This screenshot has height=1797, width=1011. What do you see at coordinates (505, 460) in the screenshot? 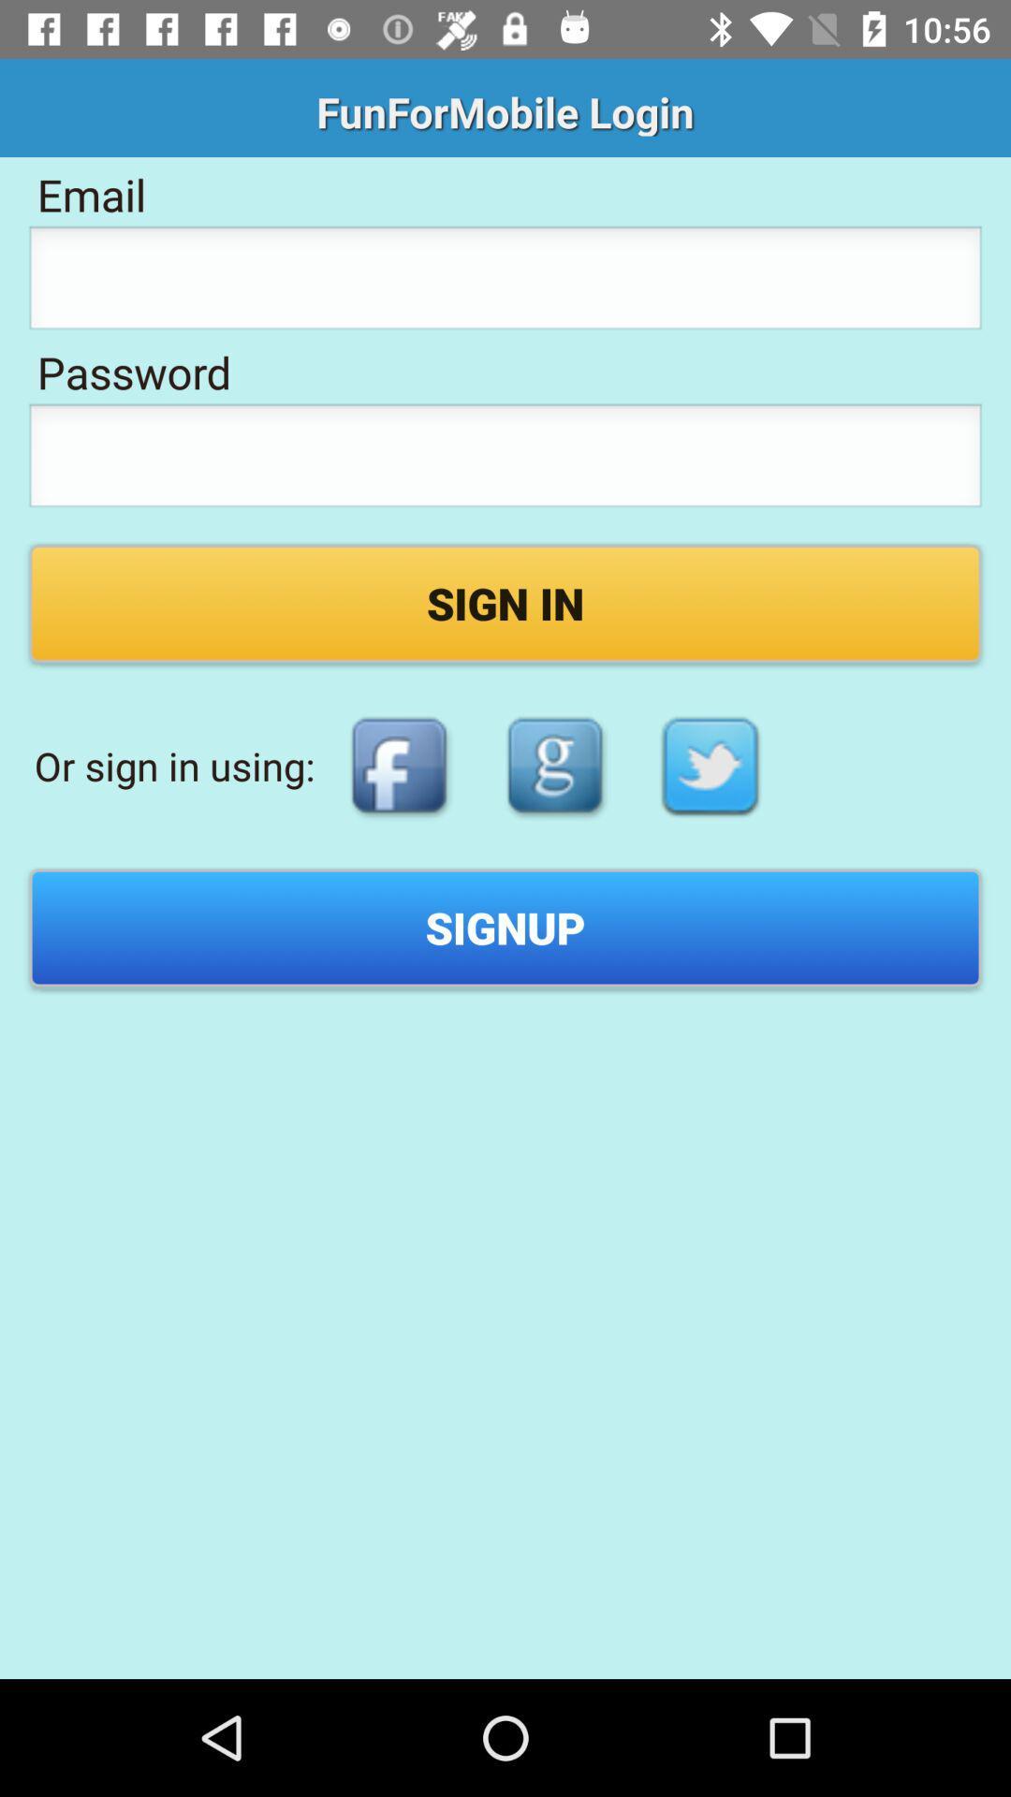
I see `type a password` at bounding box center [505, 460].